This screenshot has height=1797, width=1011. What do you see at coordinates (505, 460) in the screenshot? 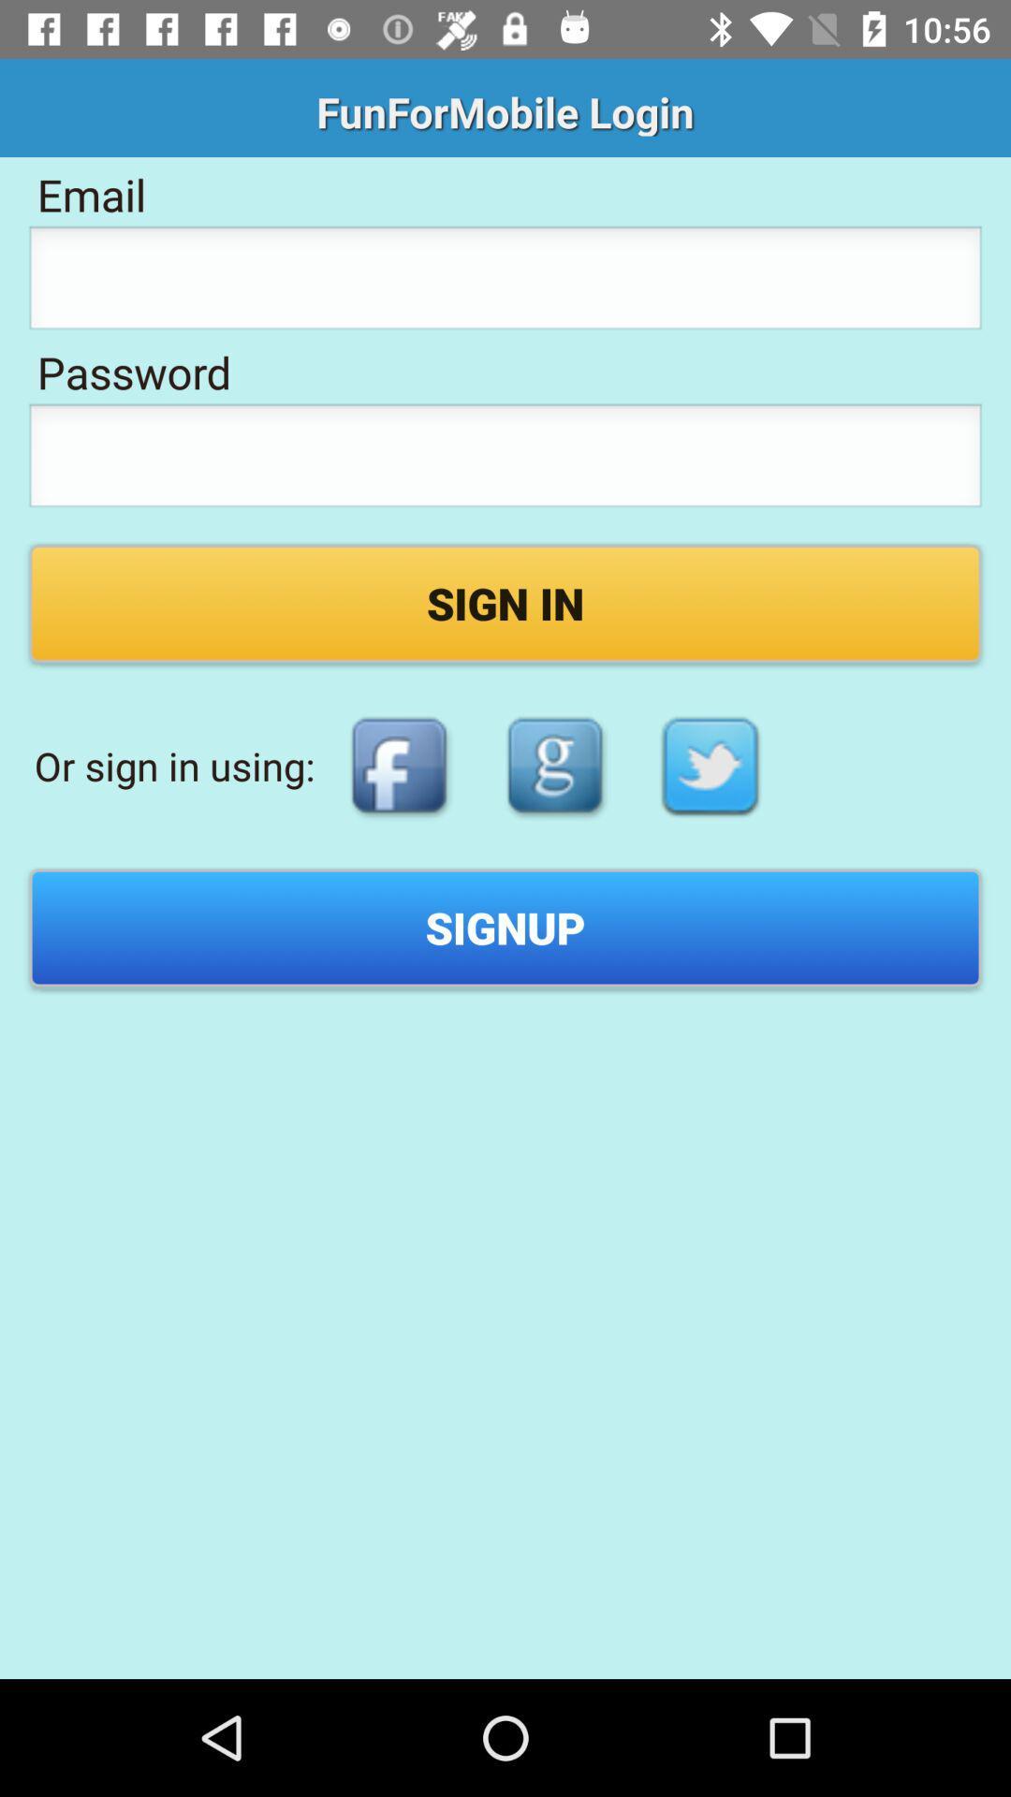
I see `type a password` at bounding box center [505, 460].